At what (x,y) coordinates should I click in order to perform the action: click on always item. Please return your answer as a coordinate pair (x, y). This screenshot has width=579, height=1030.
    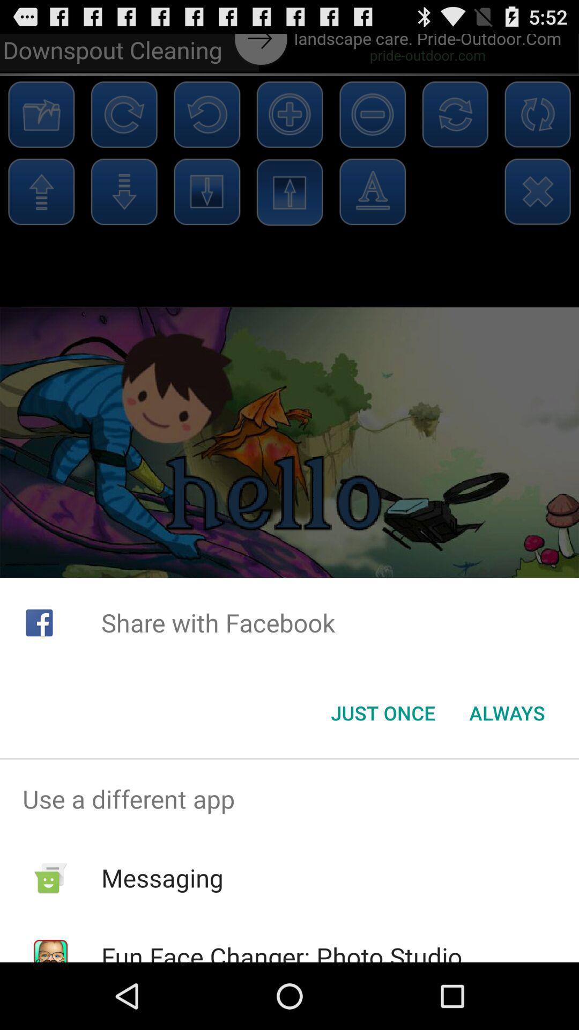
    Looking at the image, I should click on (507, 713).